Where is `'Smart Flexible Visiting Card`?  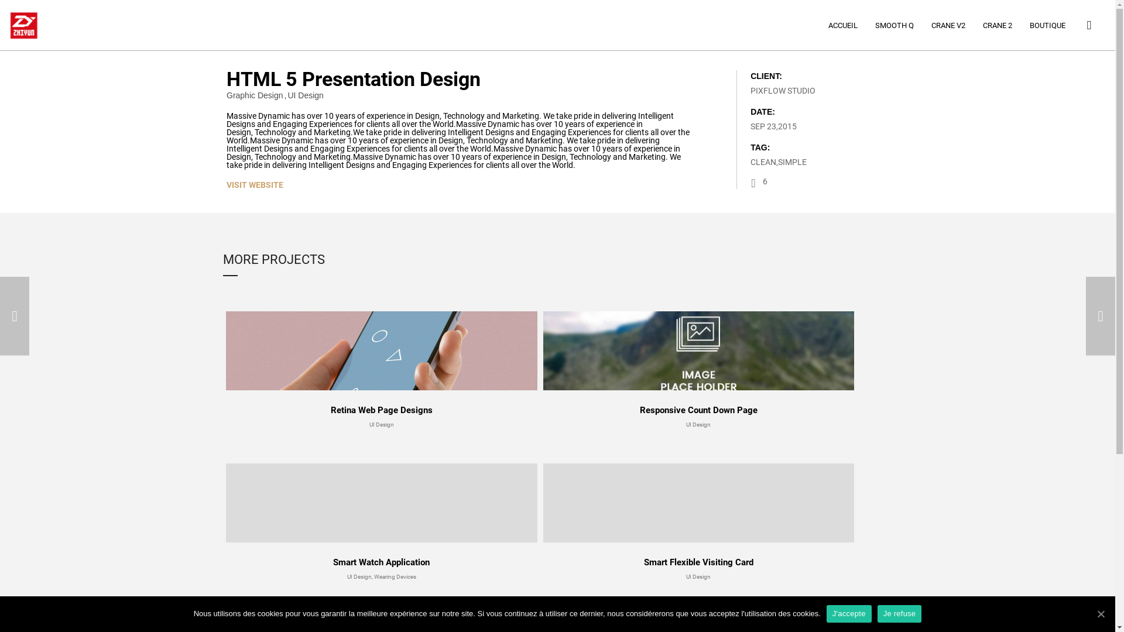 'Smart Flexible Visiting Card is located at coordinates (699, 521).